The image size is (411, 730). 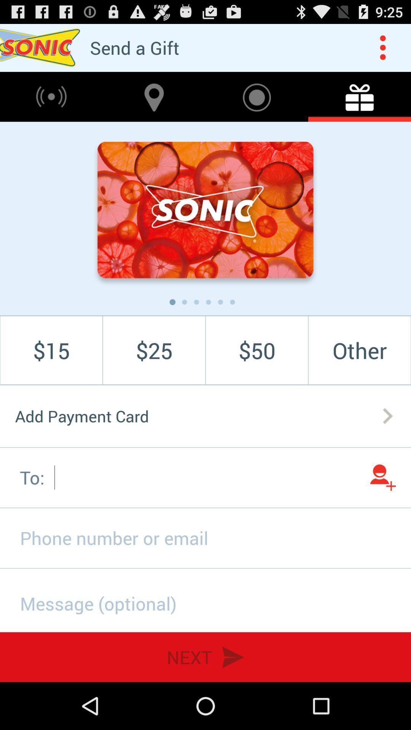 I want to click on the follow icon, so click(x=383, y=511).